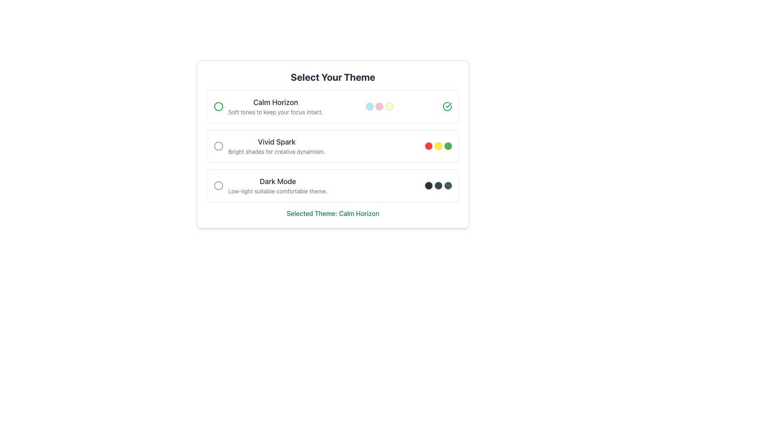 The width and height of the screenshot is (776, 436). What do you see at coordinates (219, 185) in the screenshot?
I see `the circular icon representing the 'Dark Mode' theme option, which is an unfilled circle with a solid outline located at the leftmost area of the theme options row` at bounding box center [219, 185].